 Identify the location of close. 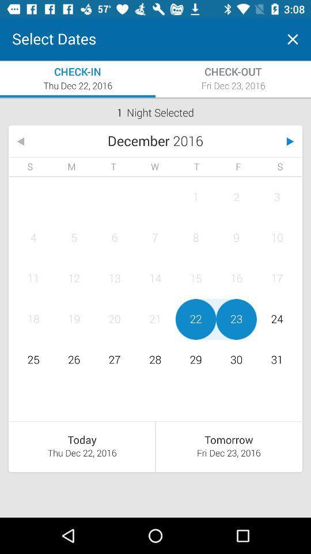
(293, 39).